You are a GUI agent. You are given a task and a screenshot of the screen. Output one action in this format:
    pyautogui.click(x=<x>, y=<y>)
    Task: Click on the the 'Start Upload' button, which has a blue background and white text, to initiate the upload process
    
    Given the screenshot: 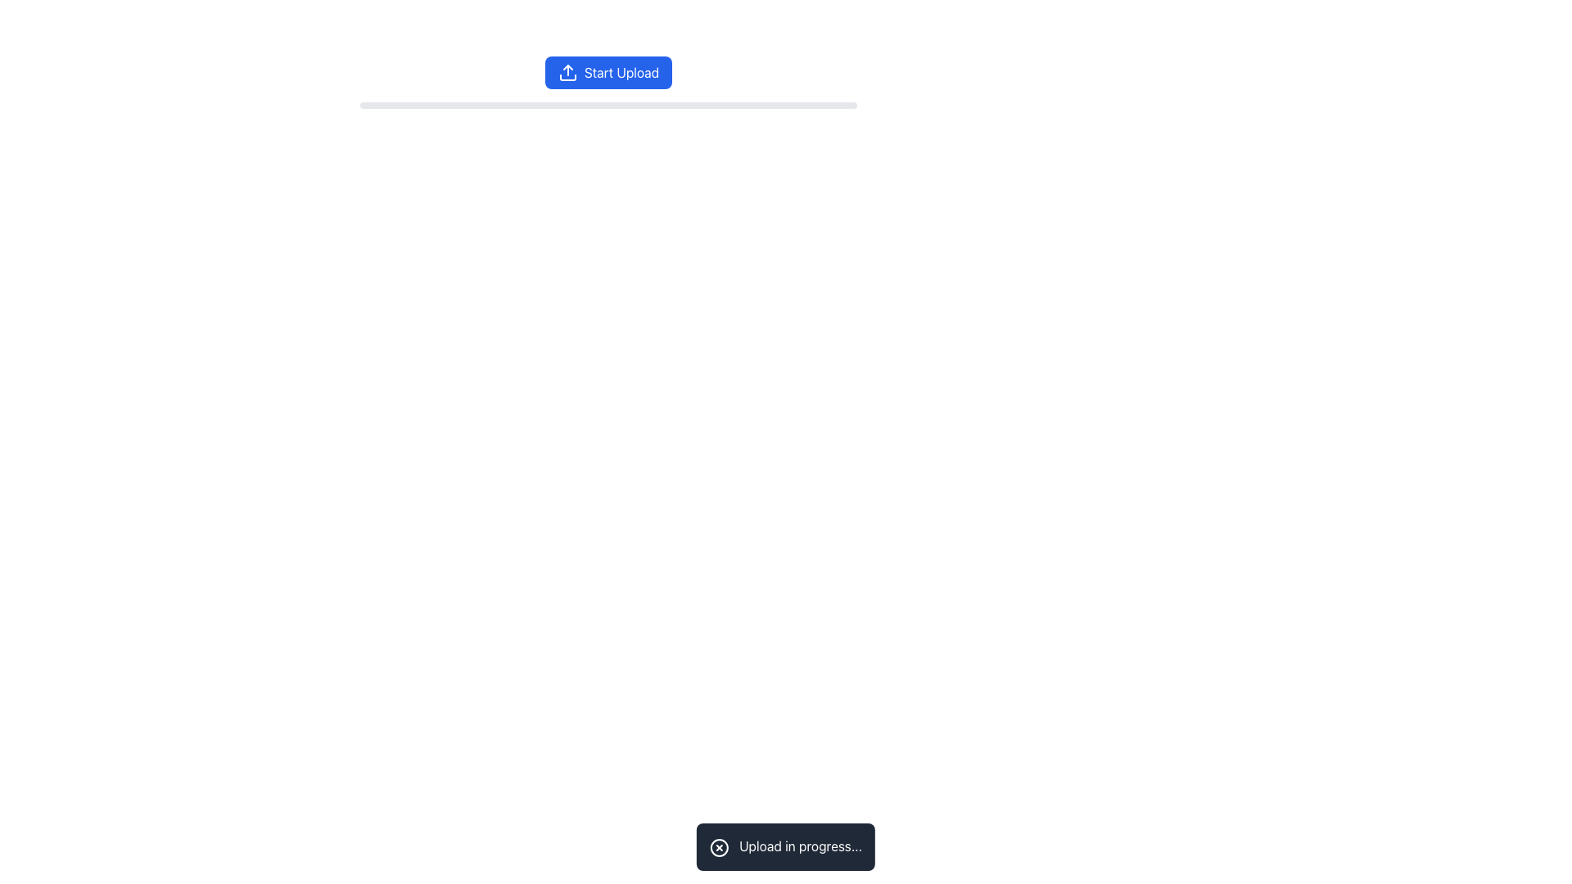 What is the action you would take?
    pyautogui.click(x=608, y=71)
    